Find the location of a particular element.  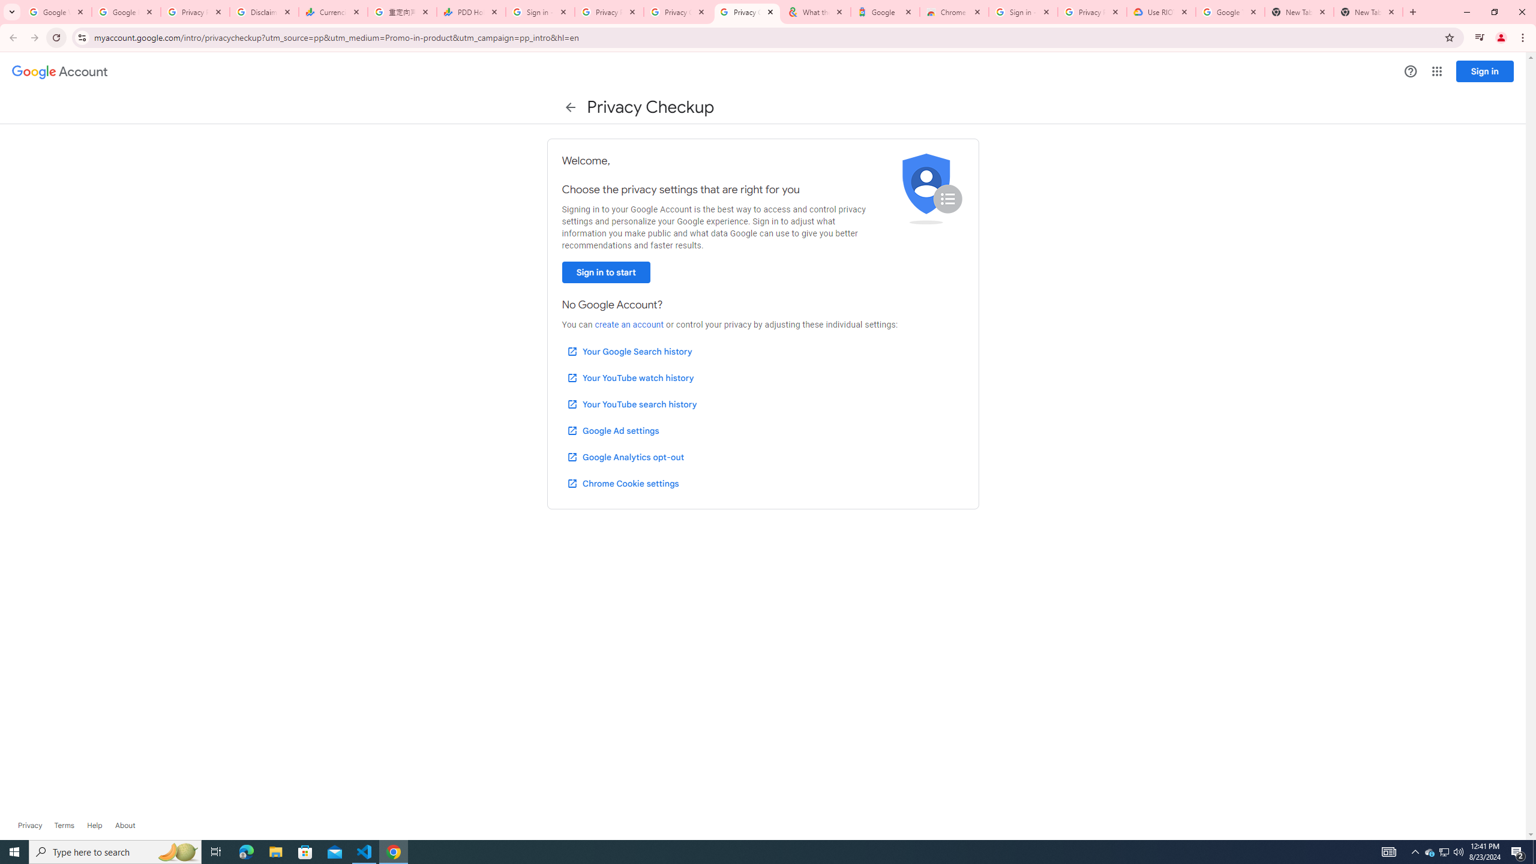

'PDD Holdings Inc - ADR (PDD) Price & News - Google Finance' is located at coordinates (470, 11).